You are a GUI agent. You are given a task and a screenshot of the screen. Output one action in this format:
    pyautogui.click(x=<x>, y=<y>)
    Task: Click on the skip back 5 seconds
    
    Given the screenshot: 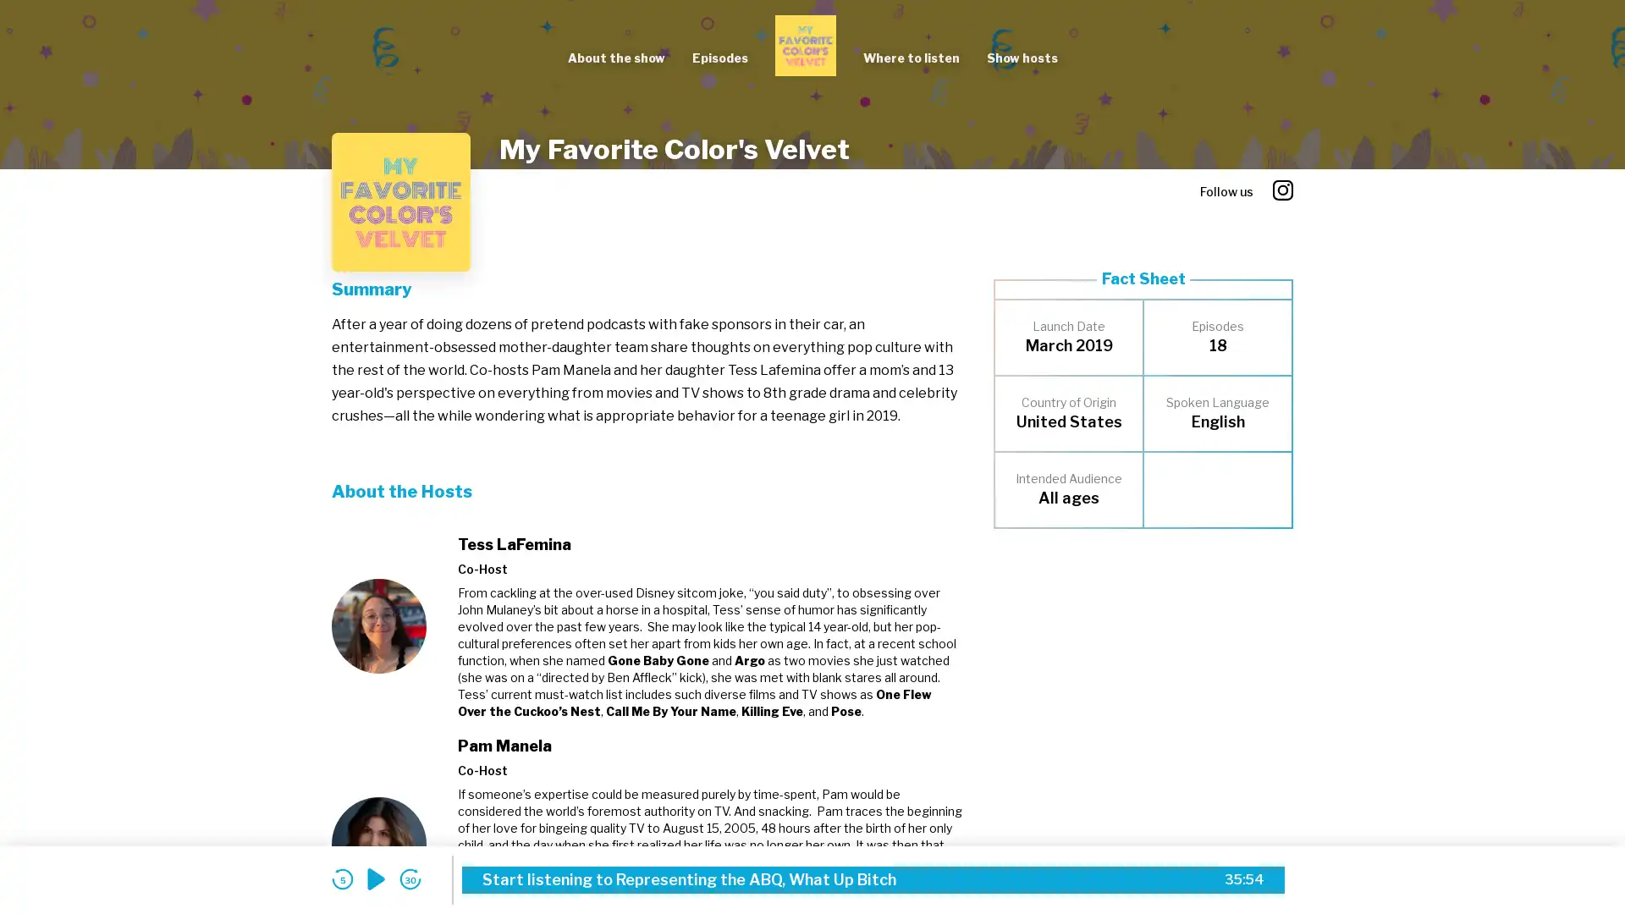 What is the action you would take?
    pyautogui.click(x=341, y=878)
    